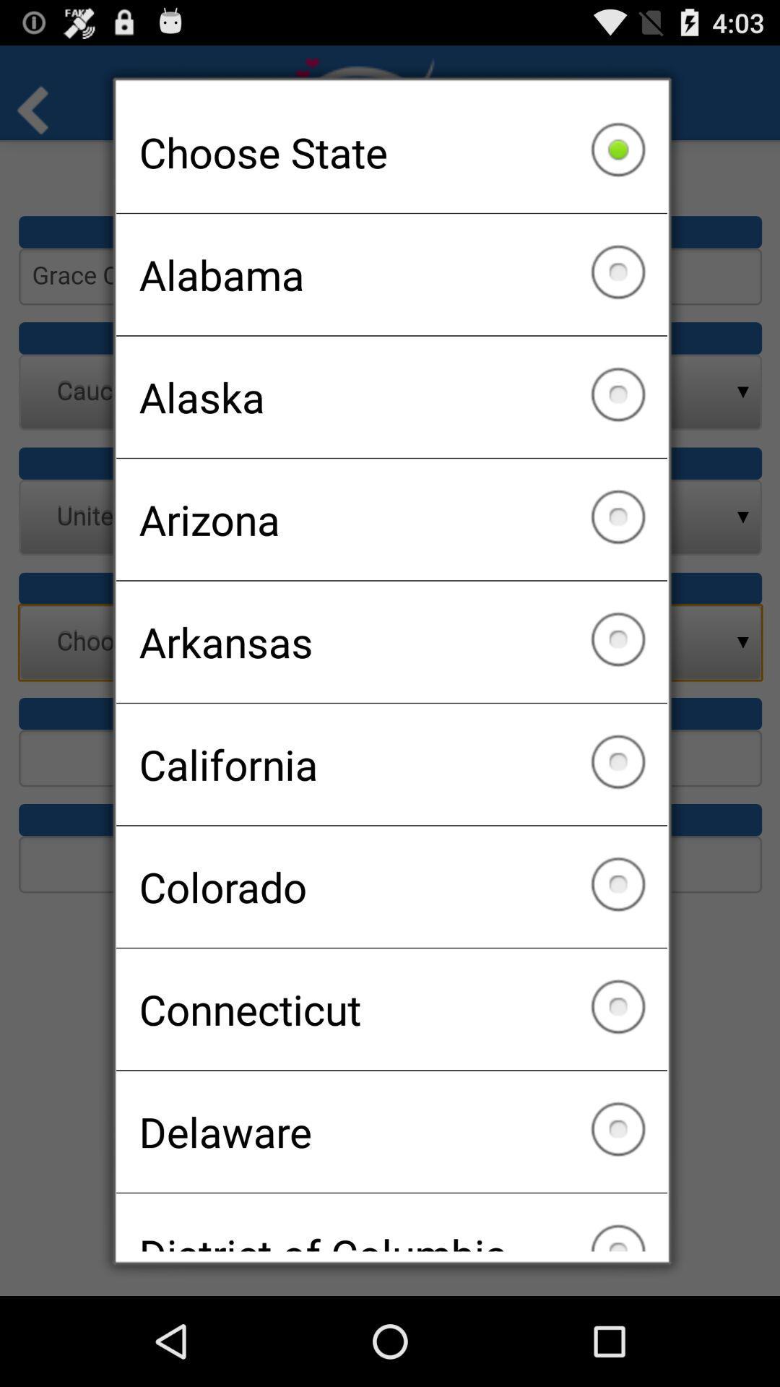 This screenshot has height=1387, width=780. Describe the element at coordinates (391, 397) in the screenshot. I see `the alaska checkbox` at that location.